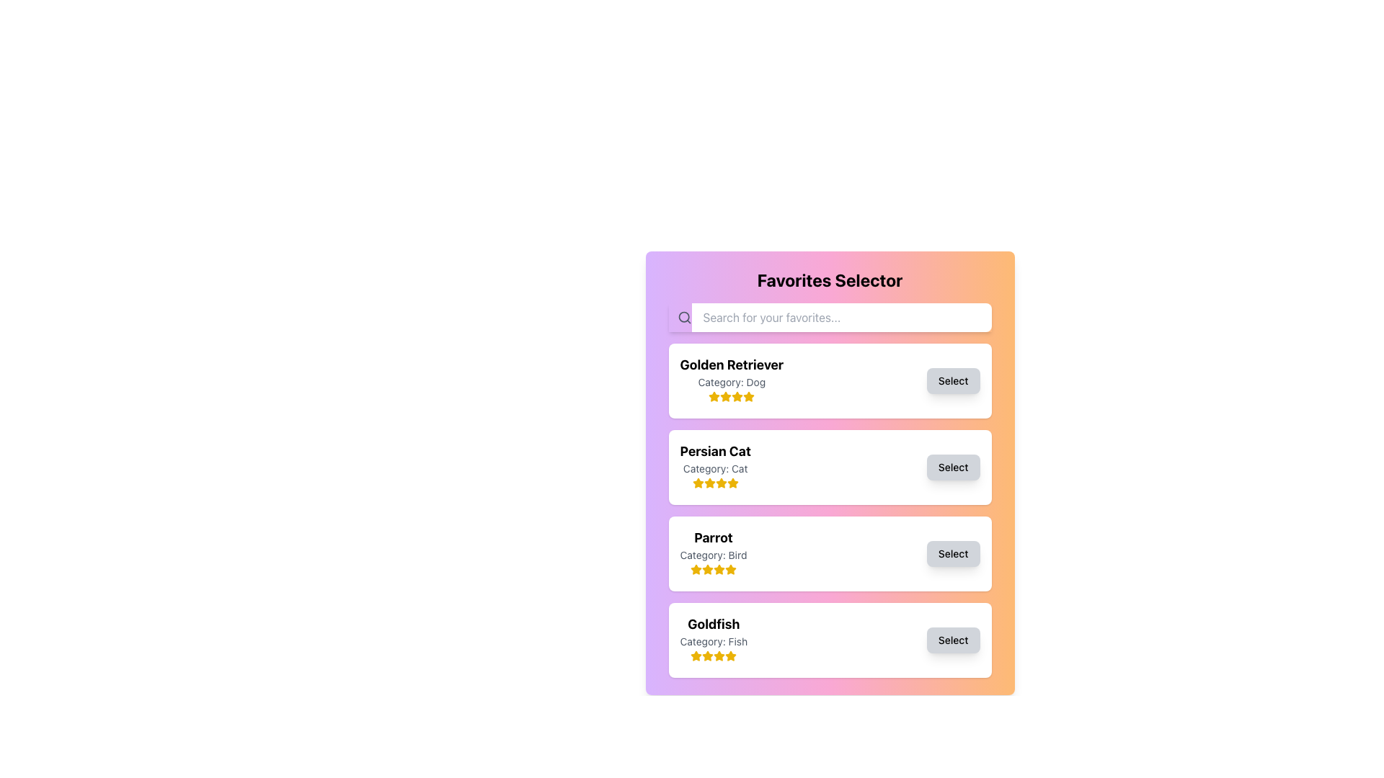  What do you see at coordinates (683, 316) in the screenshot?
I see `the small circular SVG component that represents the lens of the search icon, located at the beginning of the search field` at bounding box center [683, 316].